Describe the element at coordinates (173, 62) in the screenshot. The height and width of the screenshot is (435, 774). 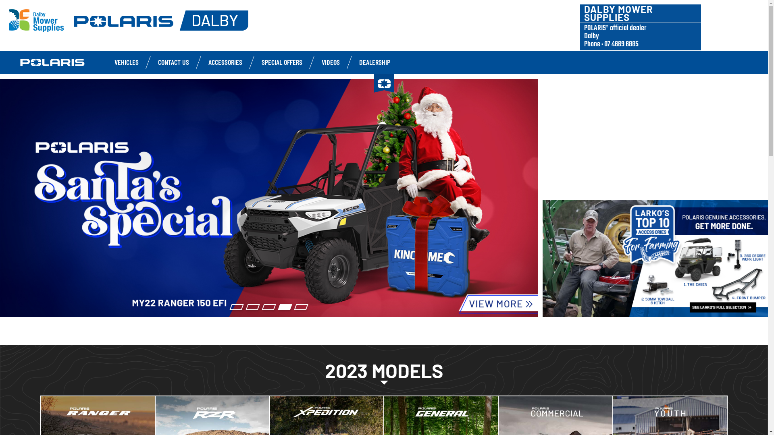
I see `'CONTACT US'` at that location.